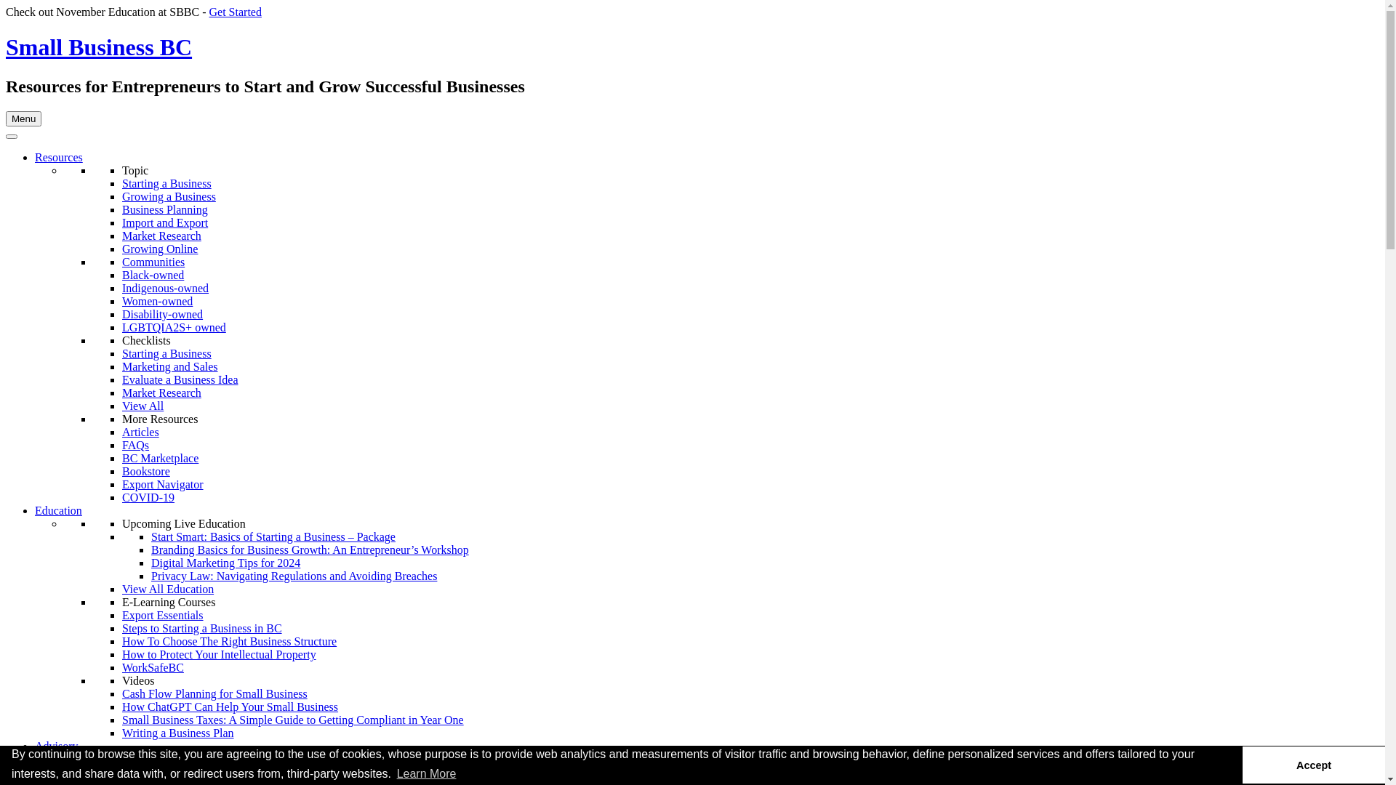 Image resolution: width=1396 pixels, height=785 pixels. Describe the element at coordinates (35, 746) in the screenshot. I see `'Advisory'` at that location.